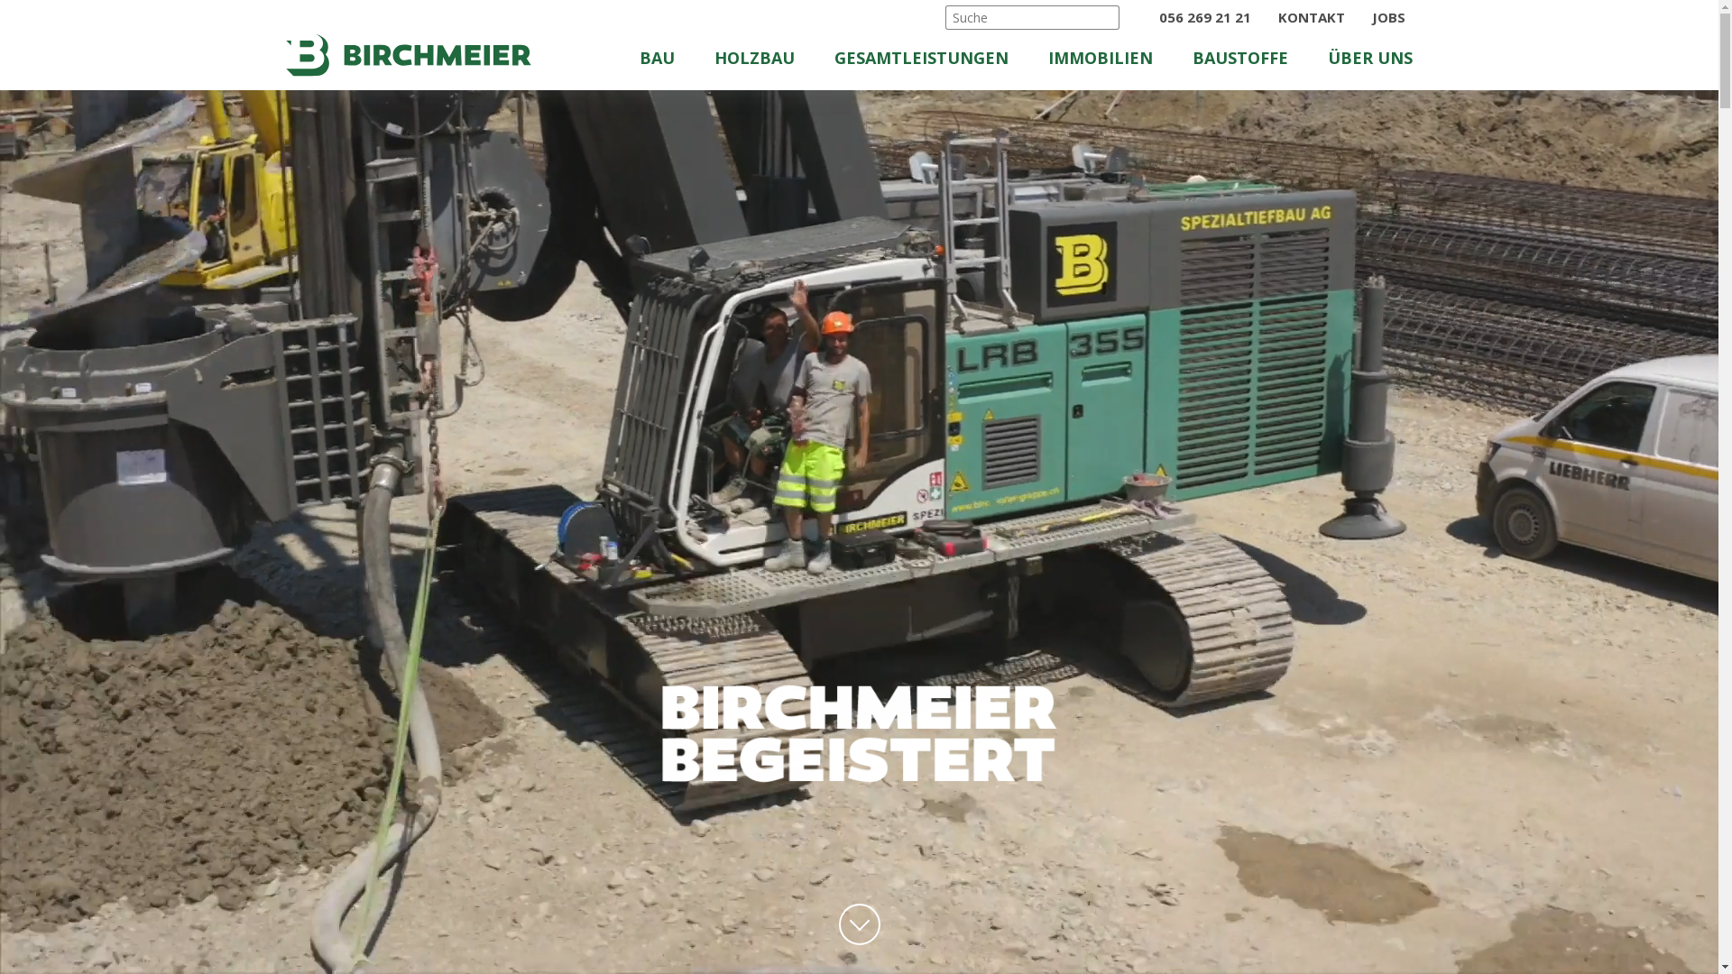 This screenshot has width=1732, height=974. Describe the element at coordinates (1105, 61) in the screenshot. I see `'IMMOBILIEN'` at that location.